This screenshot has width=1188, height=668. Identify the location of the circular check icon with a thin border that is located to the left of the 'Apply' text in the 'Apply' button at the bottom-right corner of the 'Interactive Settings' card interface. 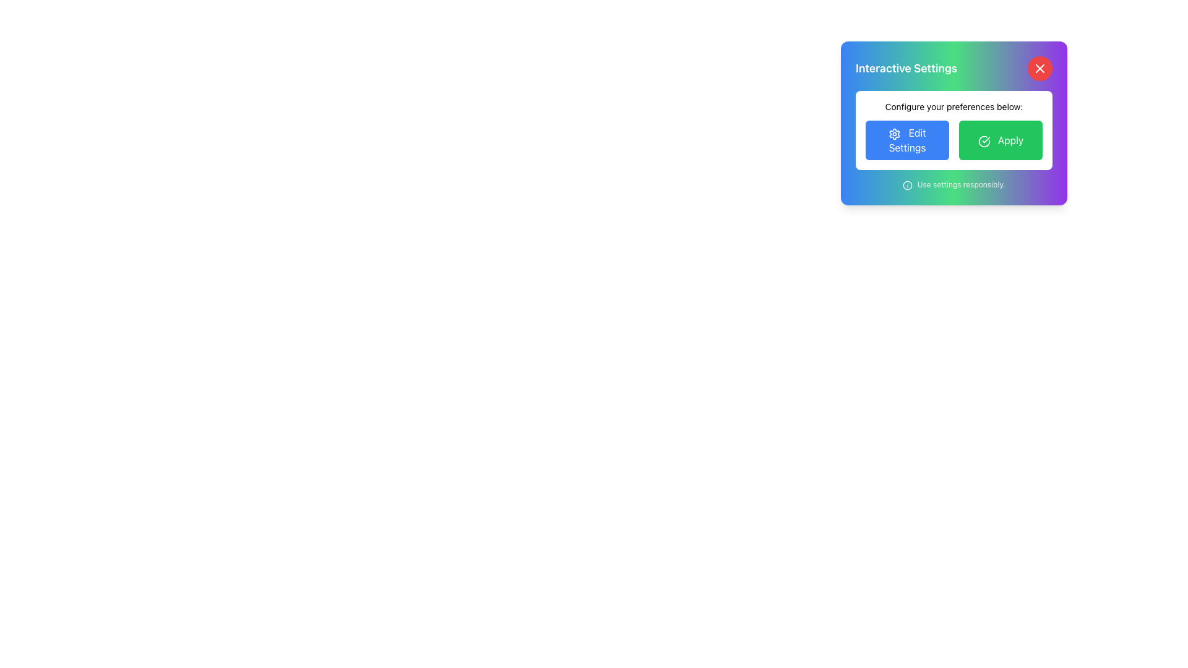
(983, 140).